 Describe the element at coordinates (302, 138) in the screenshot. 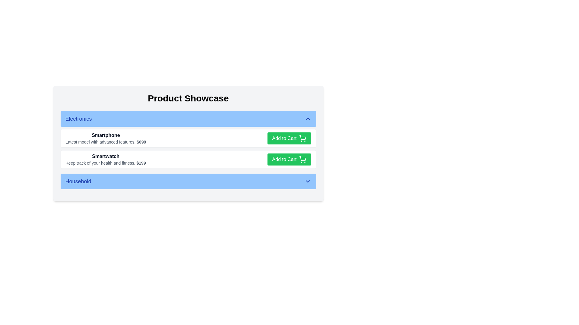

I see `the shopping cart icon located within the 'Add to Cart' button for the 'Smartphone' product option in the 'Electronics' category` at that location.